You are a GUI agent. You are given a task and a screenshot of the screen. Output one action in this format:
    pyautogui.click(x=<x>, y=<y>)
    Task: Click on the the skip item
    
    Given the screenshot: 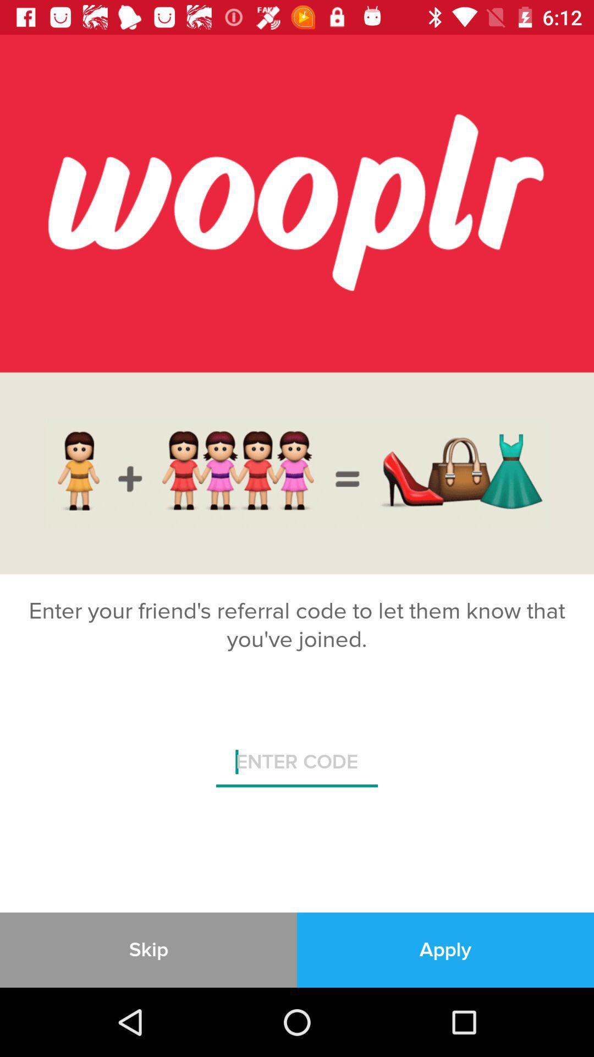 What is the action you would take?
    pyautogui.click(x=148, y=949)
    